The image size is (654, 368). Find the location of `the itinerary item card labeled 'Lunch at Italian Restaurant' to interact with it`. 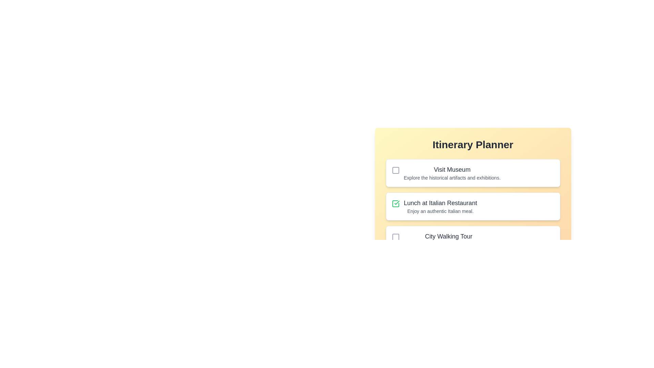

the itinerary item card labeled 'Lunch at Italian Restaurant' to interact with it is located at coordinates (472, 206).